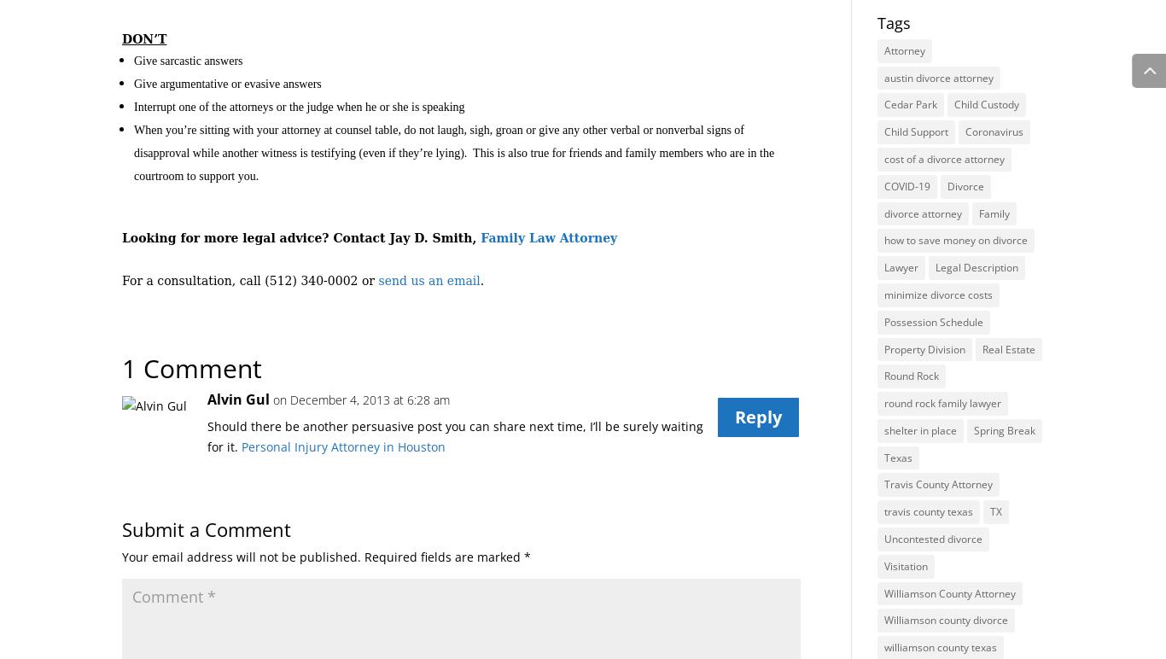 The image size is (1166, 659). I want to click on 'Texas', so click(883, 457).